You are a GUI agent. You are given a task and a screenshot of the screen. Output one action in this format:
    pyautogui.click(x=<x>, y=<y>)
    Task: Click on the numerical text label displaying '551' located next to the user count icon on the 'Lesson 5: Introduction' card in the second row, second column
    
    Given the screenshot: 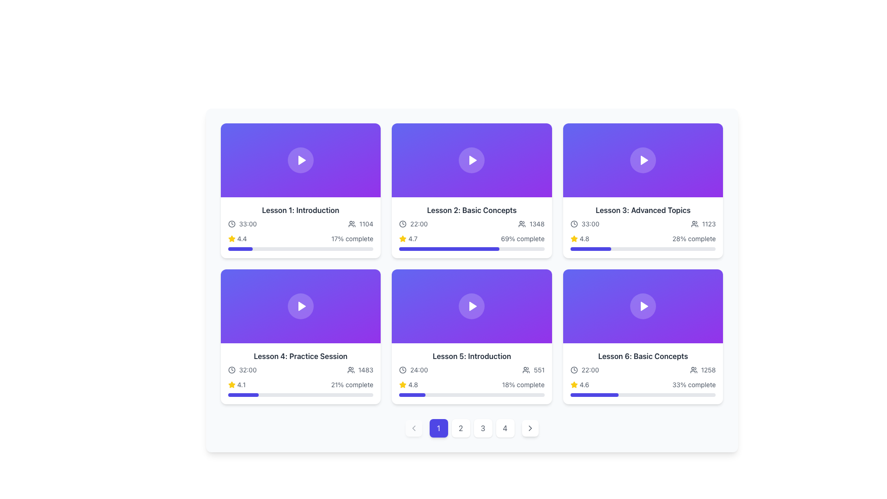 What is the action you would take?
    pyautogui.click(x=539, y=370)
    